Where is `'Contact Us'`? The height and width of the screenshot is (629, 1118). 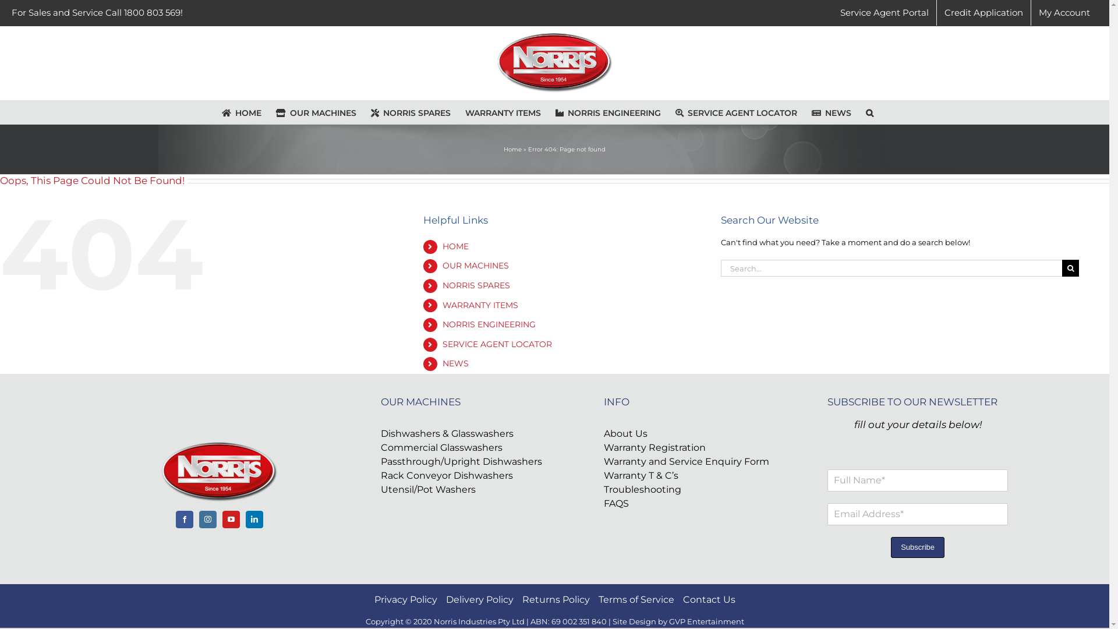 'Contact Us' is located at coordinates (708, 599).